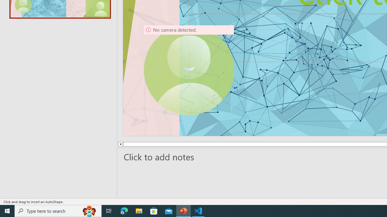  I want to click on 'Camera 9, No camera detected.', so click(188, 70).